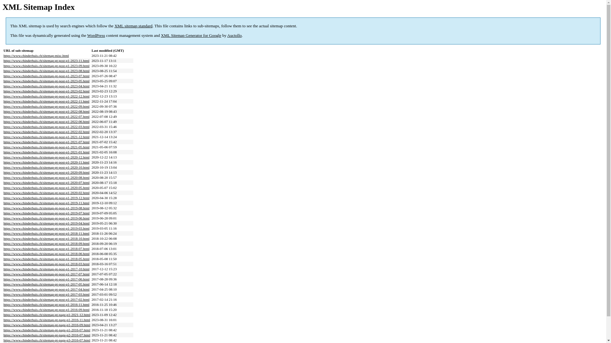  Describe the element at coordinates (46, 329) in the screenshot. I see `'https://www.chinderhuis.ch/sitemap-pt-page-p1-2016-07.html'` at that location.